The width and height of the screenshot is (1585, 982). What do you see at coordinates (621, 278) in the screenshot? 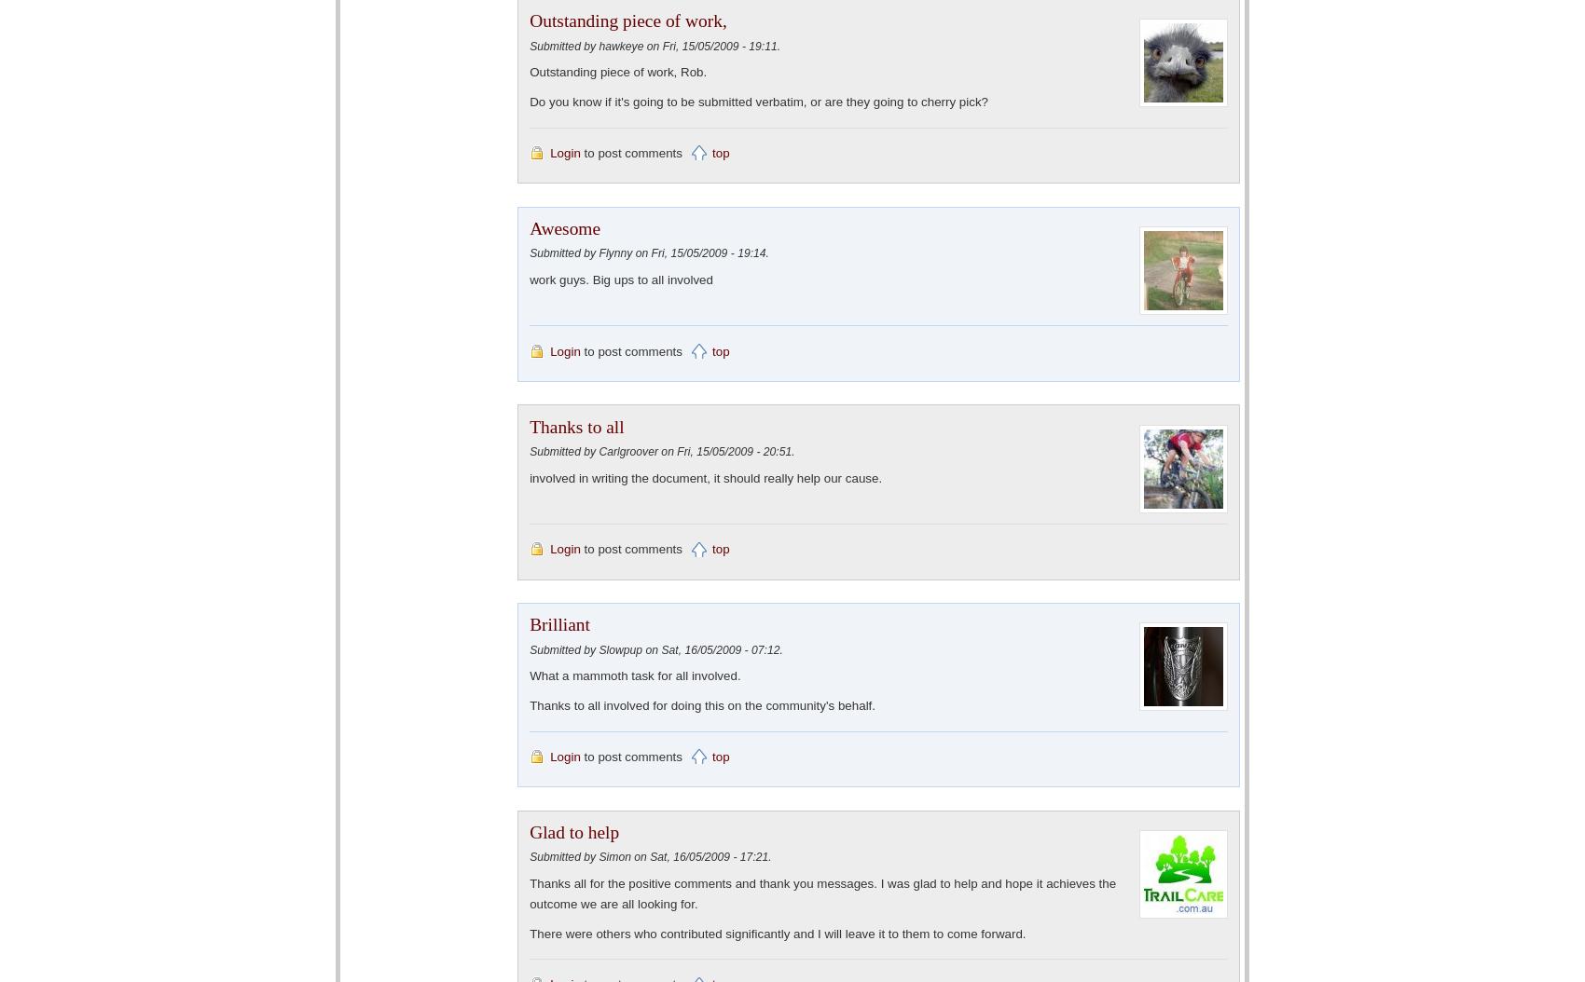
I see `'work guys. Big ups to all involved'` at bounding box center [621, 278].